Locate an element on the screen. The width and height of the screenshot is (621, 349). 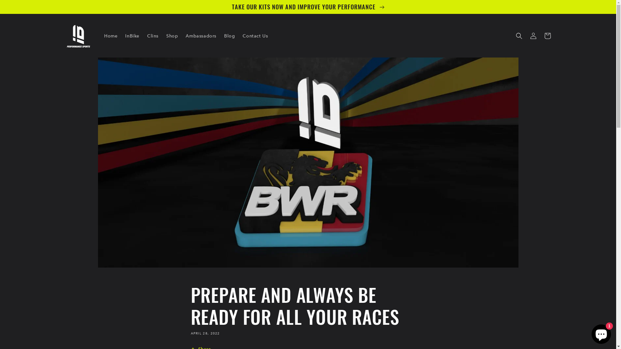
'Home' is located at coordinates (111, 36).